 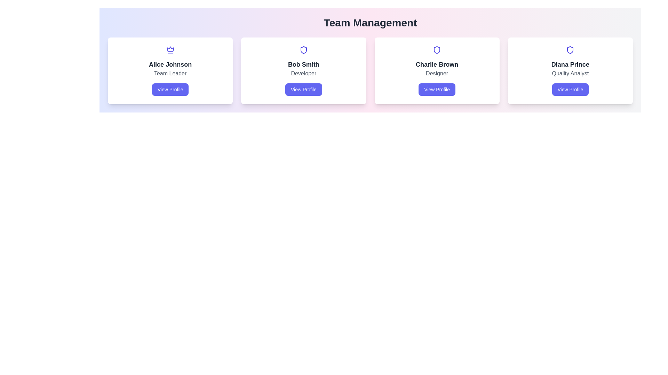 I want to click on the decorative icon located at the top center of the card labeled 'Diana Prince', which is the right-most card in a set of four horizontally arranged cards, so click(x=570, y=49).